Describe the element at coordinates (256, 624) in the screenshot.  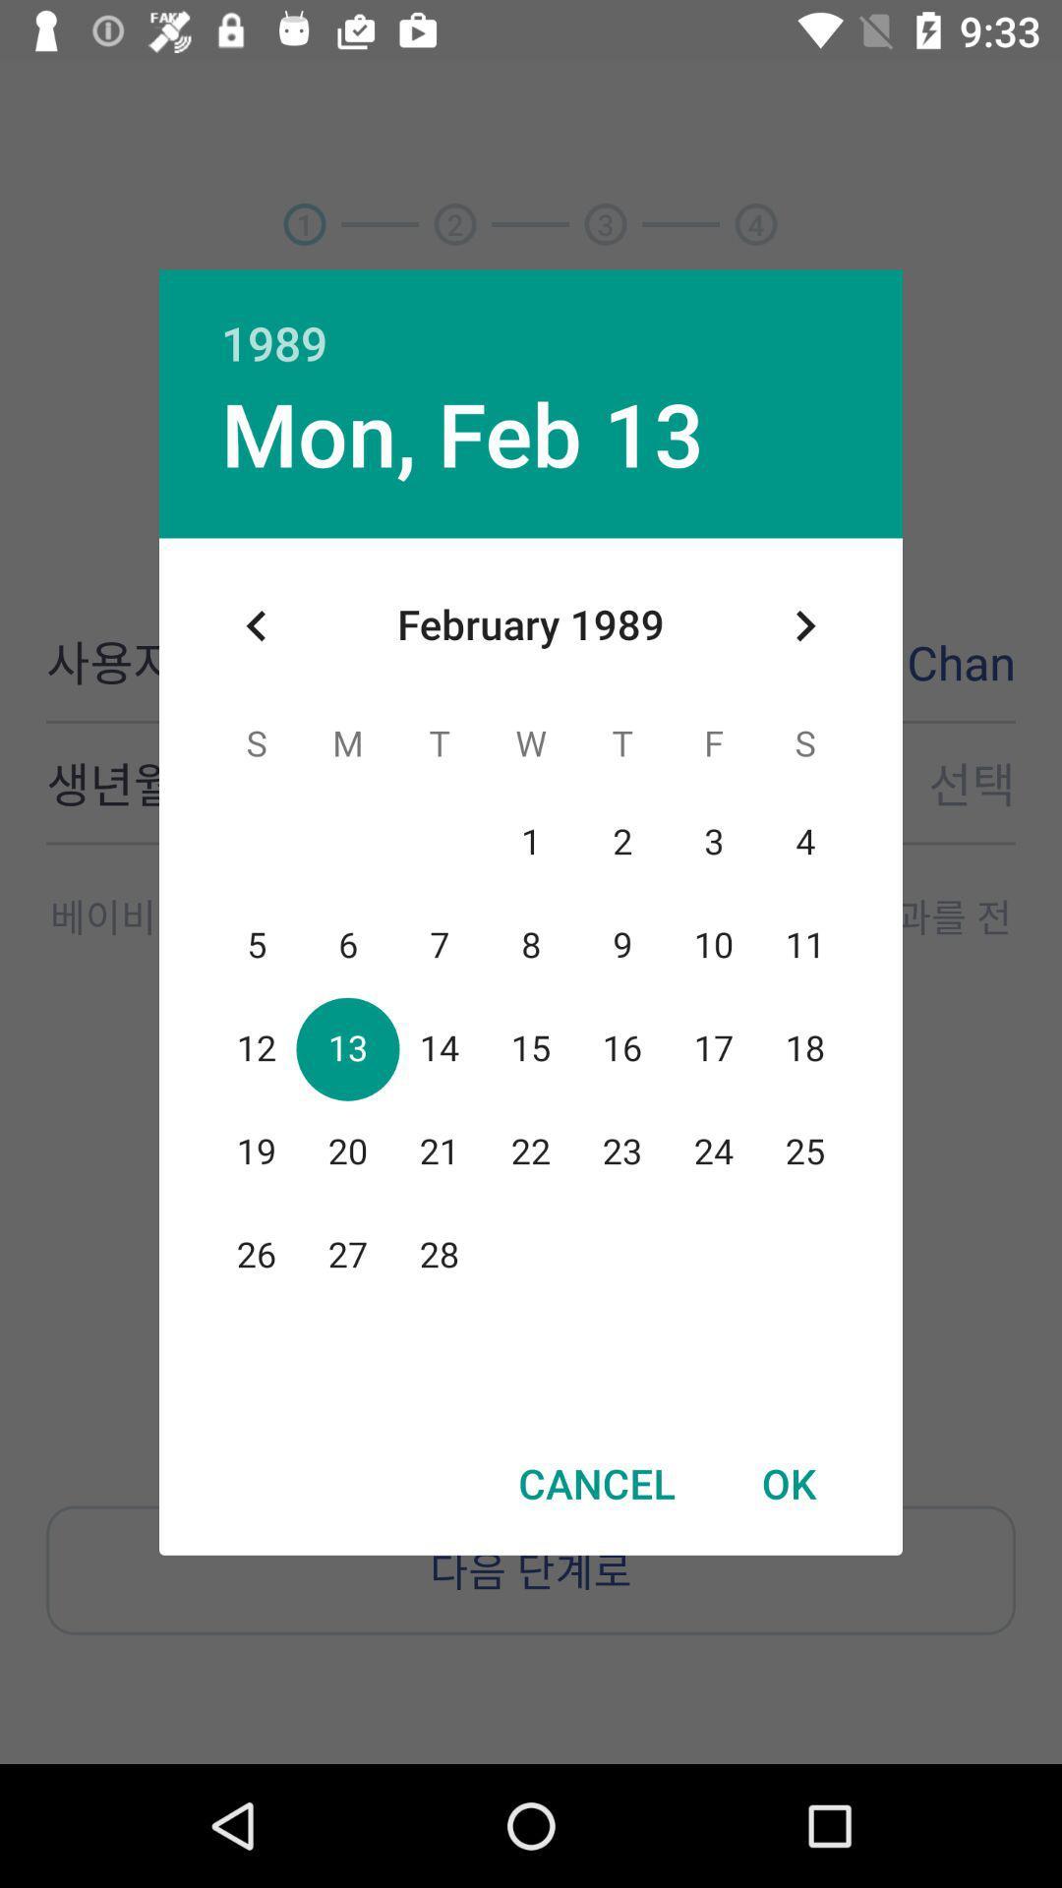
I see `the item at the top left corner` at that location.